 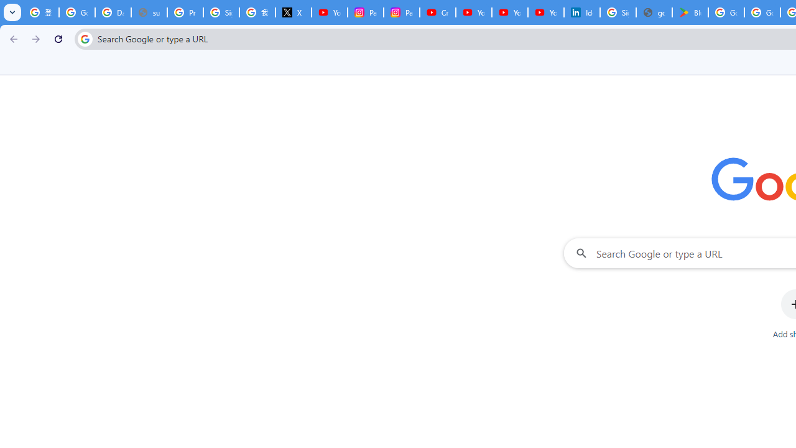 What do you see at coordinates (618, 12) in the screenshot?
I see `'Sign in - Google Accounts'` at bounding box center [618, 12].